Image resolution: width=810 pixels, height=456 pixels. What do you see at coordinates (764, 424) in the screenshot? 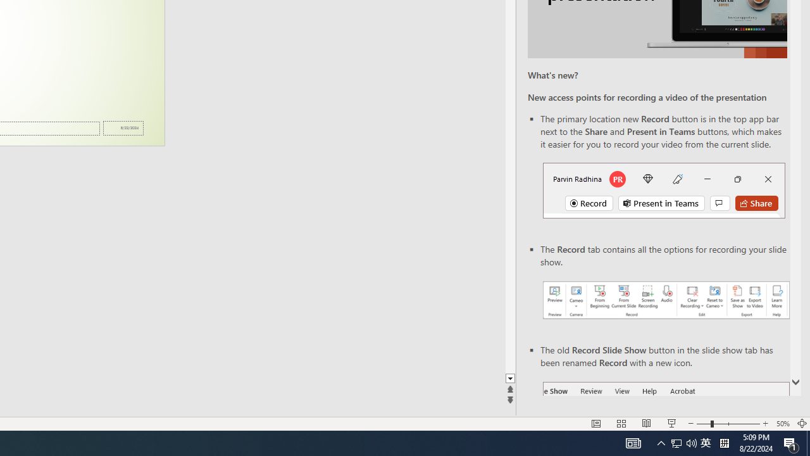
I see `'Zoom In'` at bounding box center [764, 424].